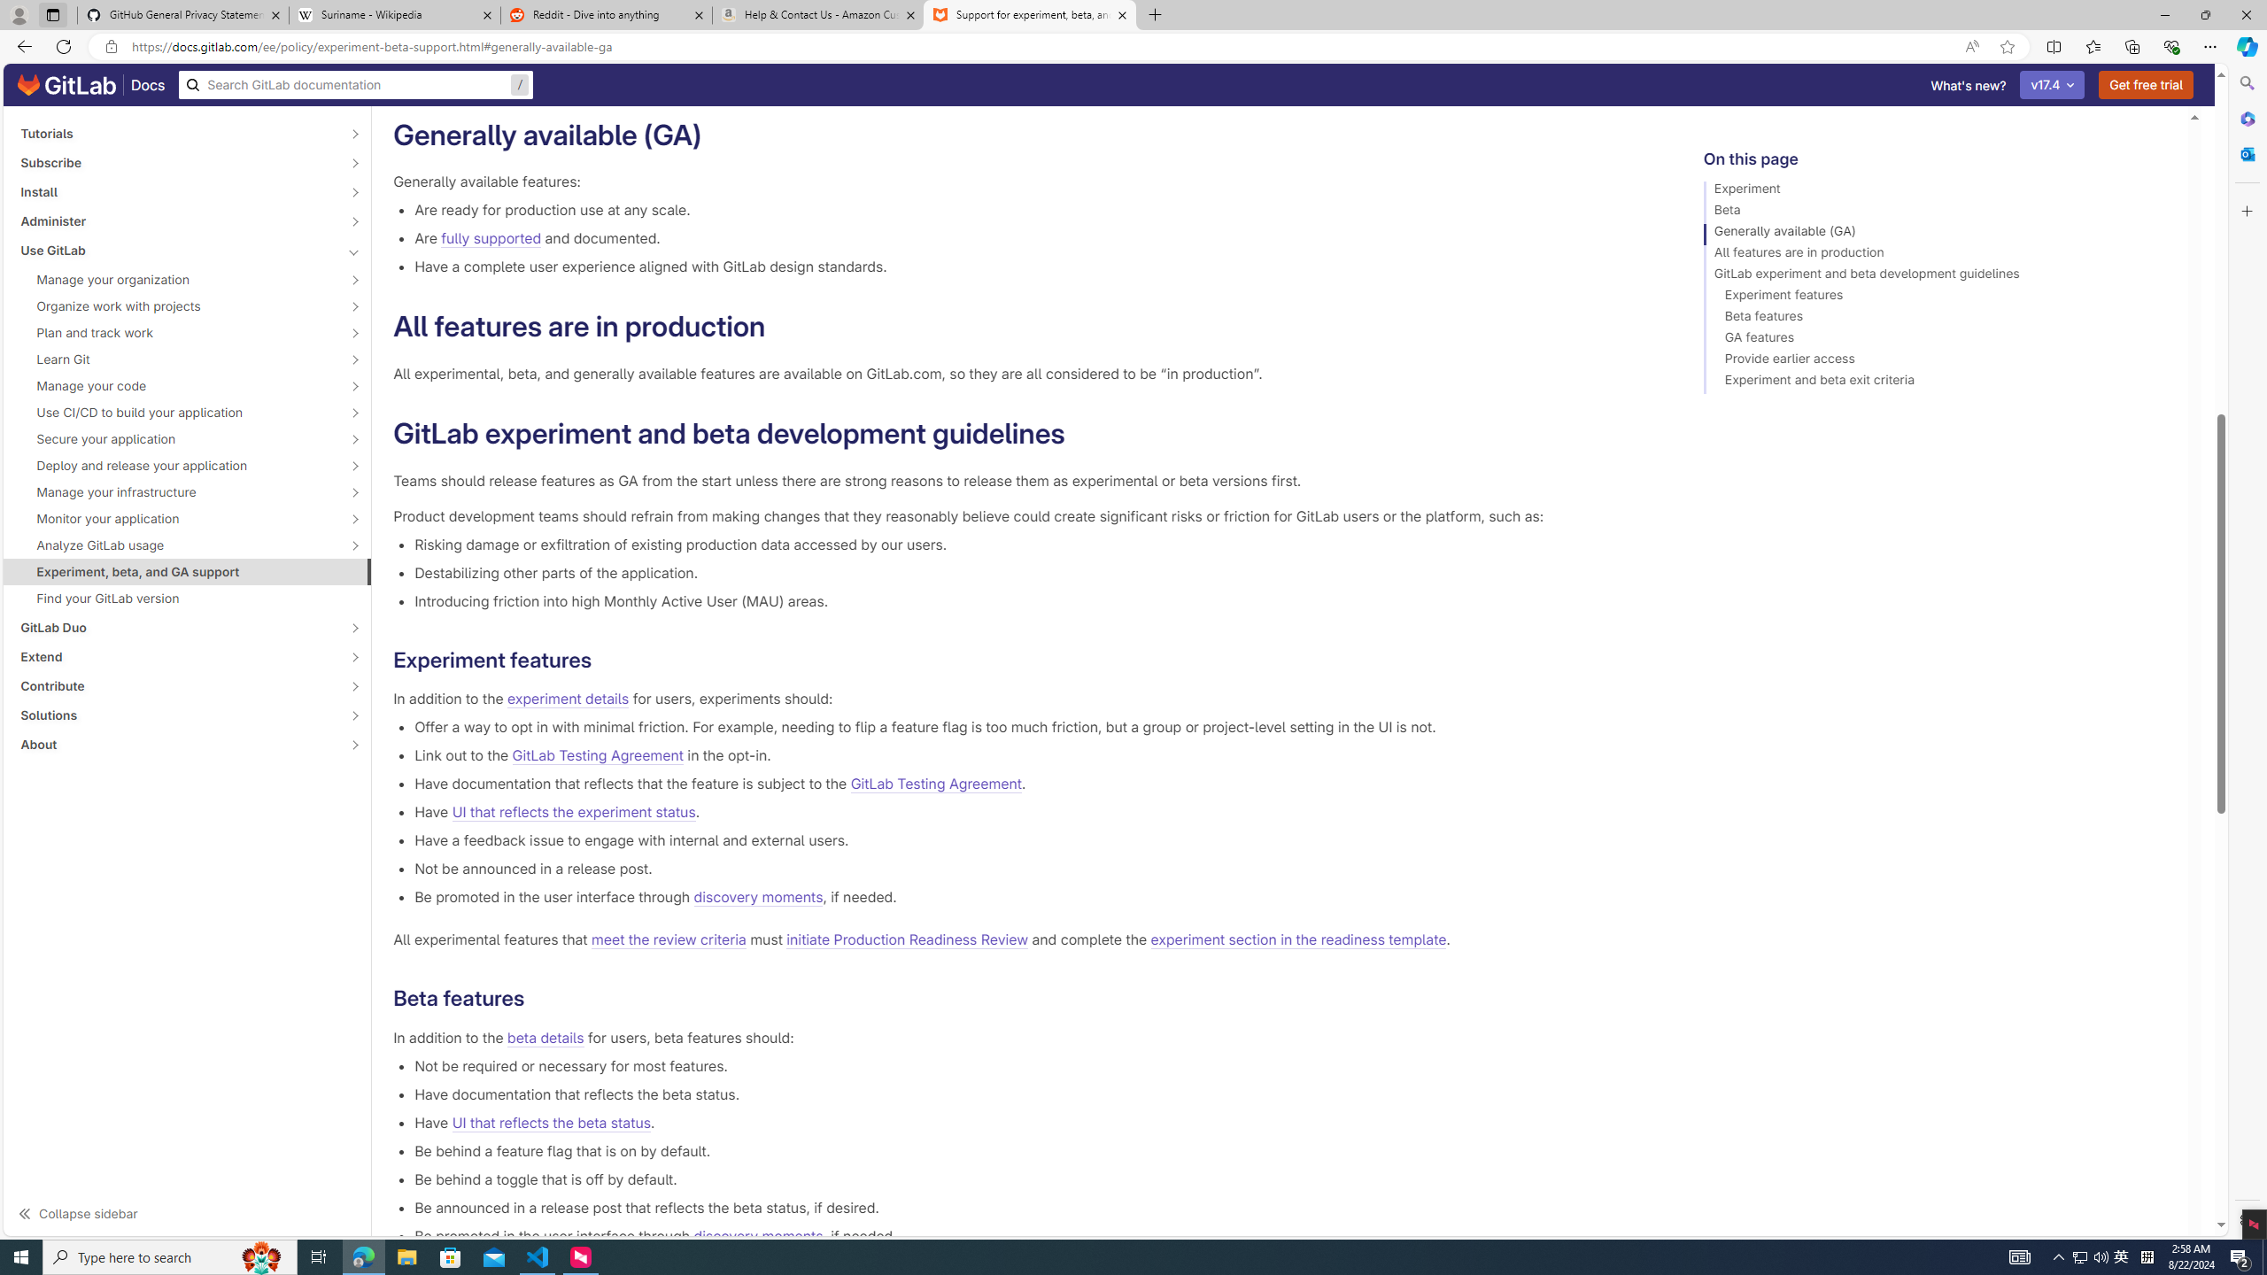 The height and width of the screenshot is (1275, 2267). Describe the element at coordinates (491, 238) in the screenshot. I see `'fully supported'` at that location.